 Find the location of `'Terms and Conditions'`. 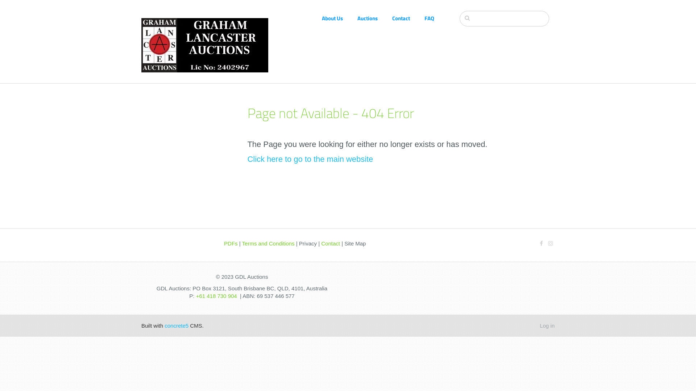

'Terms and Conditions' is located at coordinates (268, 243).